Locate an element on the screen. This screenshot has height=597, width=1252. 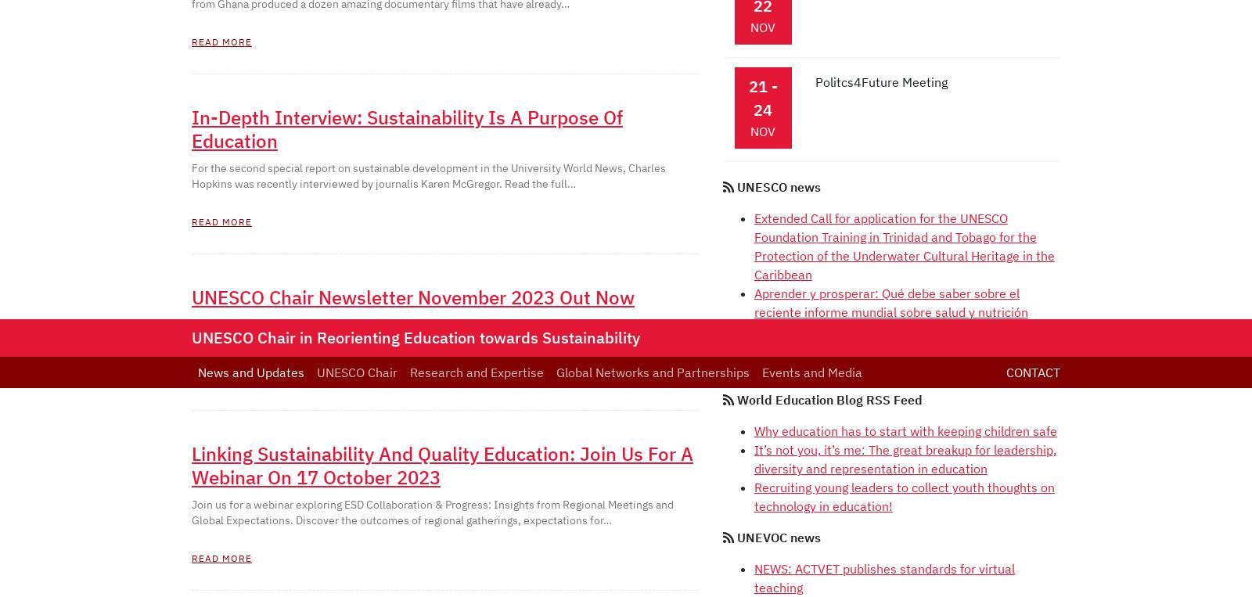
'3' is located at coordinates (266, 23).